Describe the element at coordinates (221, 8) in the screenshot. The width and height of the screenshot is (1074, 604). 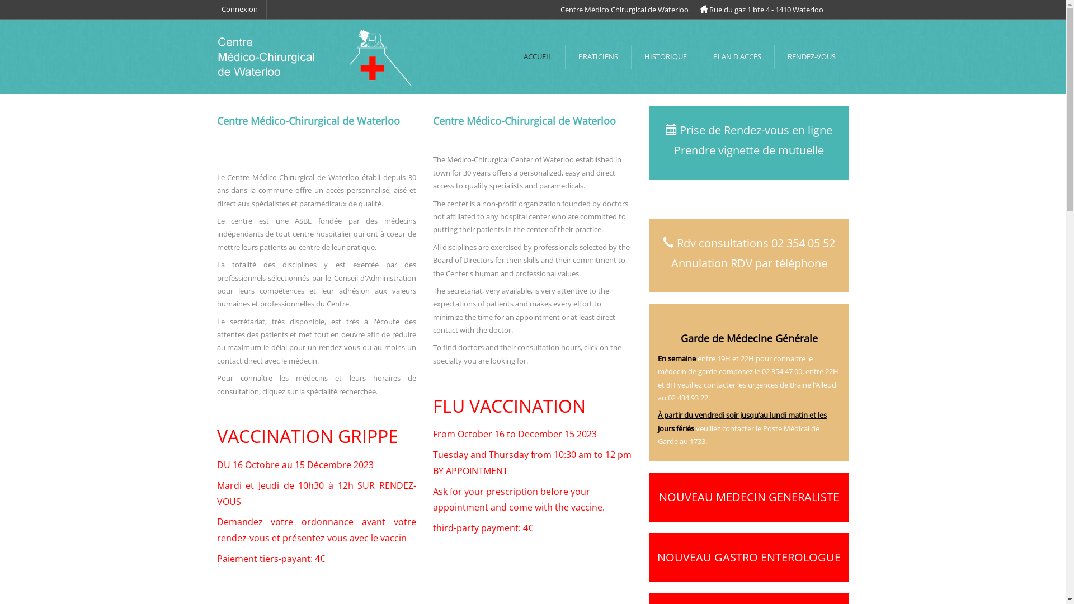
I see `'Connexion'` at that location.